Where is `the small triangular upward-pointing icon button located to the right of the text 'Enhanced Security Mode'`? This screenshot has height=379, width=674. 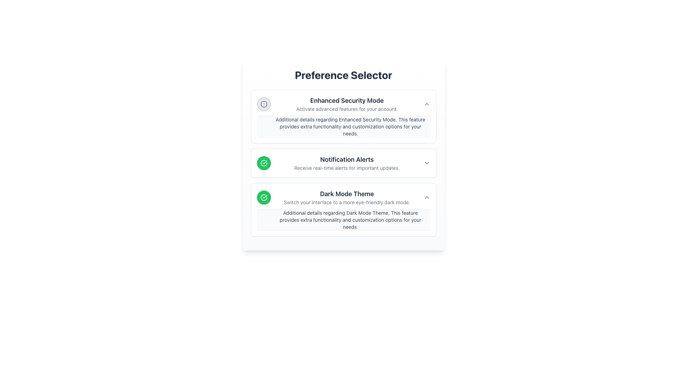
the small triangular upward-pointing icon button located to the right of the text 'Enhanced Security Mode' is located at coordinates (426, 104).